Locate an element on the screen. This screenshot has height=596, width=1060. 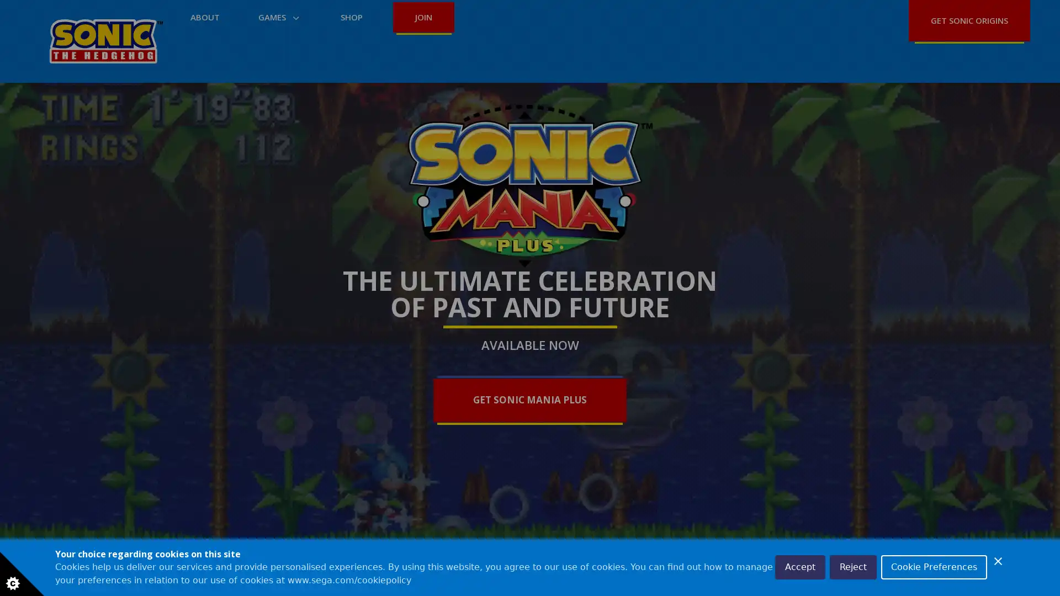
Close is located at coordinates (998, 561).